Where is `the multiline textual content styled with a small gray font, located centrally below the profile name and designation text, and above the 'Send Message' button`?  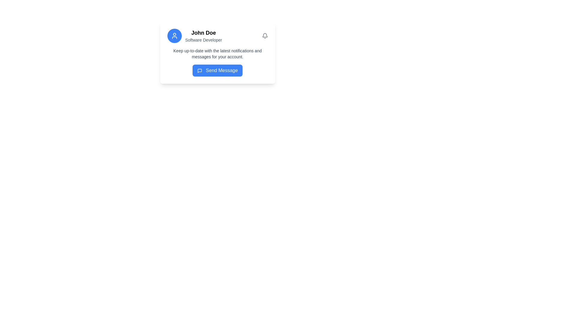 the multiline textual content styled with a small gray font, located centrally below the profile name and designation text, and above the 'Send Message' button is located at coordinates (217, 54).